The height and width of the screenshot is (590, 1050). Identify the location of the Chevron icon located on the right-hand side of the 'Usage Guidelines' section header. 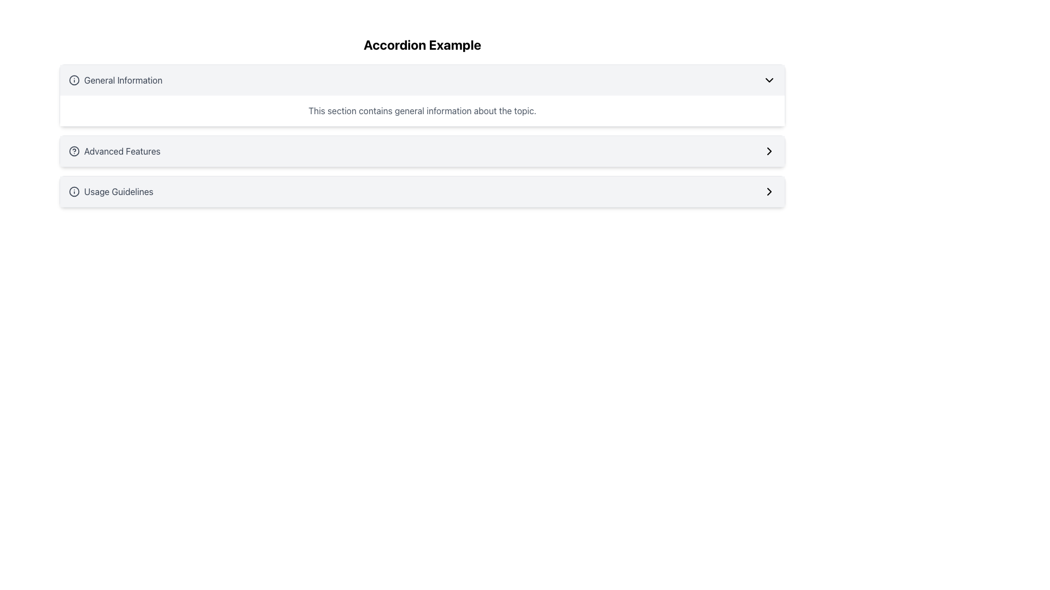
(768, 191).